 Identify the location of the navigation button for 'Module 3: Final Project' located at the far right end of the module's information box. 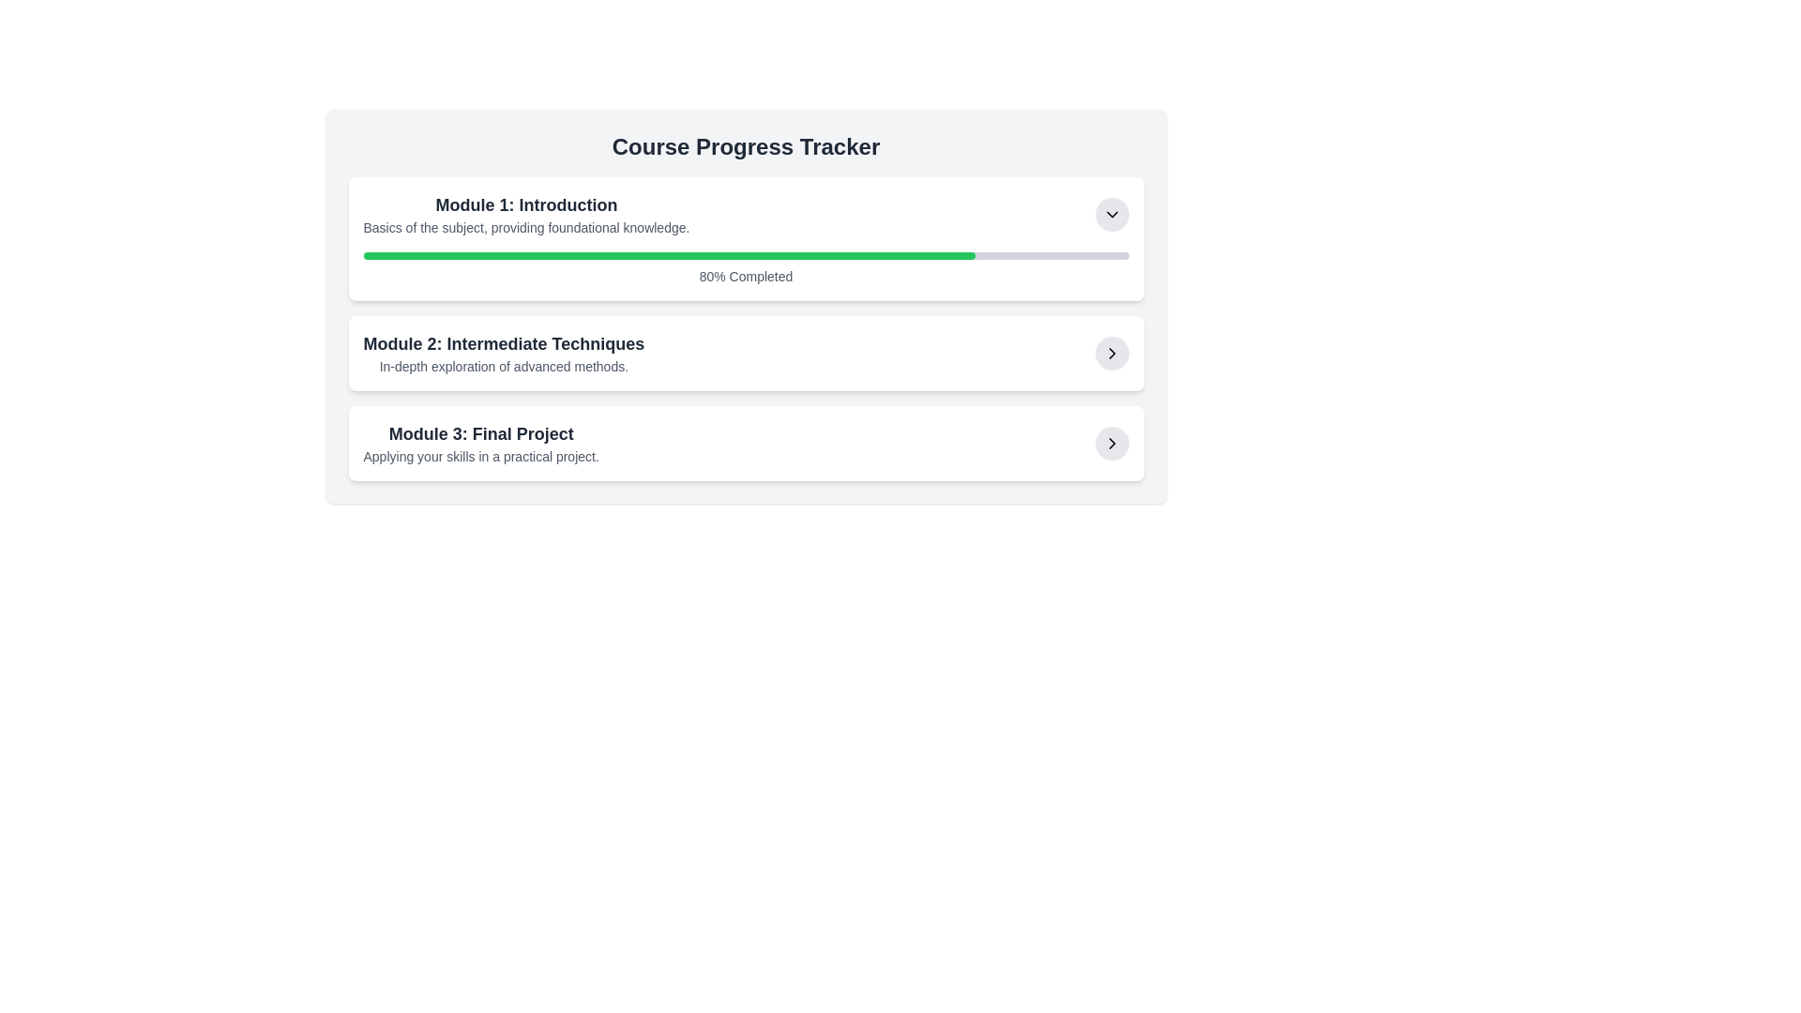
(1112, 444).